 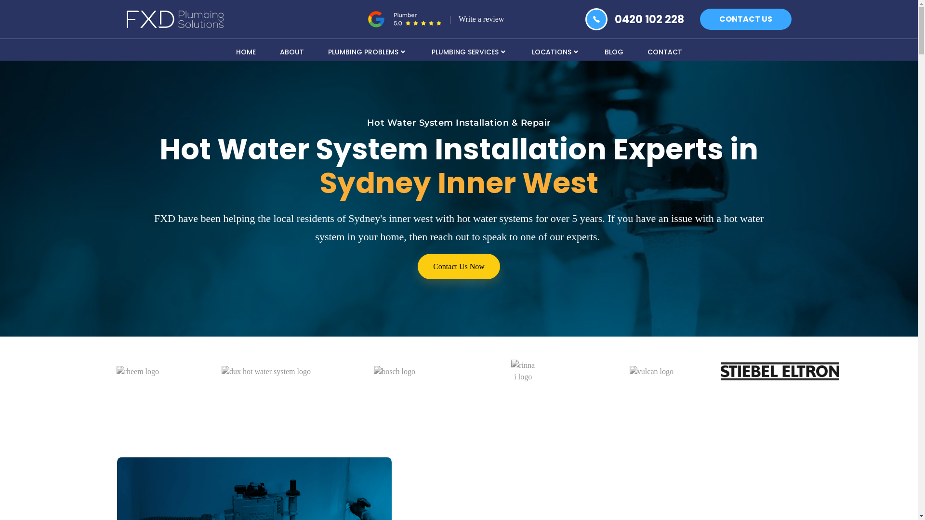 What do you see at coordinates (744, 19) in the screenshot?
I see `'CONTACT US'` at bounding box center [744, 19].